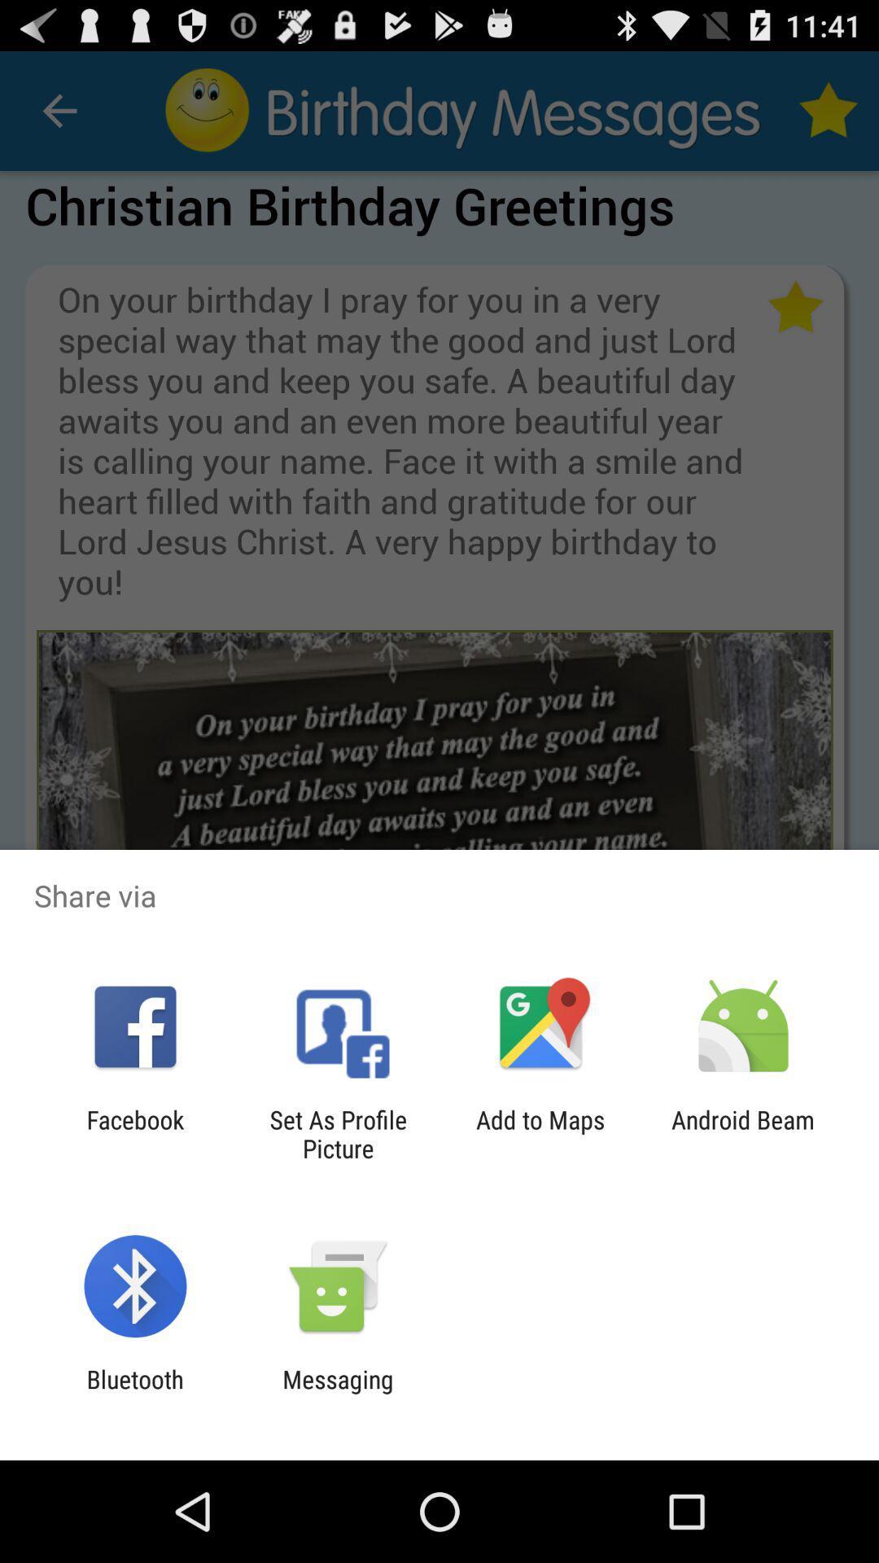 This screenshot has width=879, height=1563. What do you see at coordinates (337, 1133) in the screenshot?
I see `the set as profile icon` at bounding box center [337, 1133].